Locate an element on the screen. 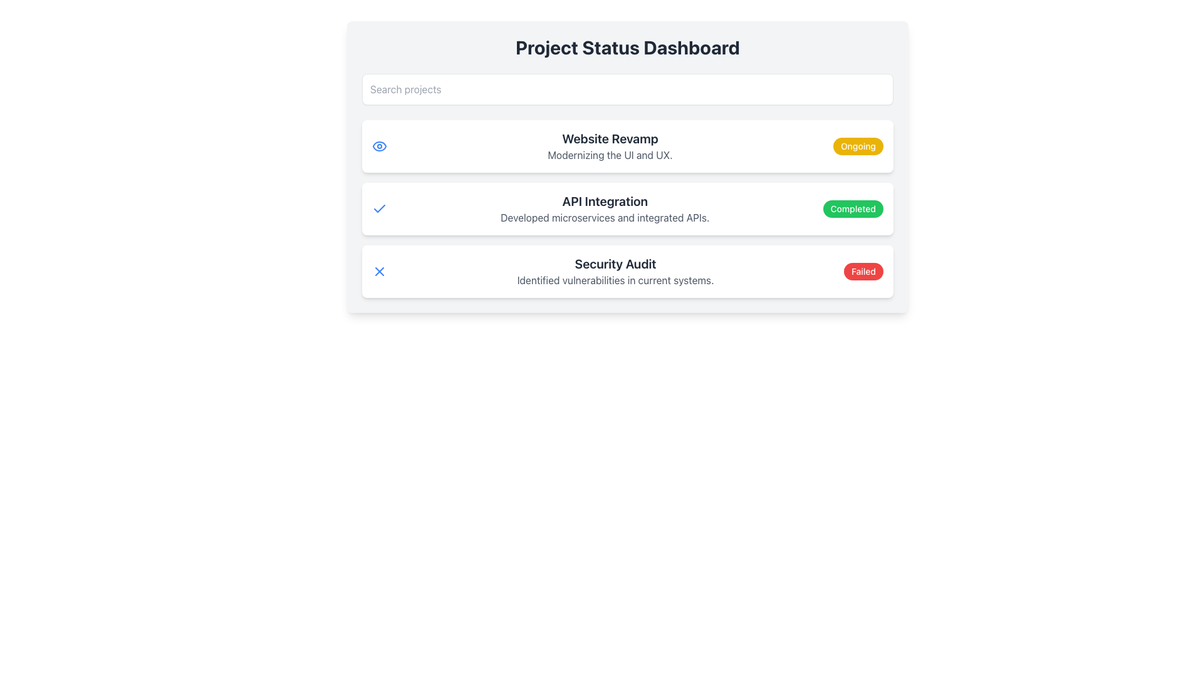 This screenshot has width=1203, height=676. descriptive display block containing the static text 'API Integration' and its description 'Developed microservices and integrated APIs.' located centrally in the vertical list layout is located at coordinates (605, 208).